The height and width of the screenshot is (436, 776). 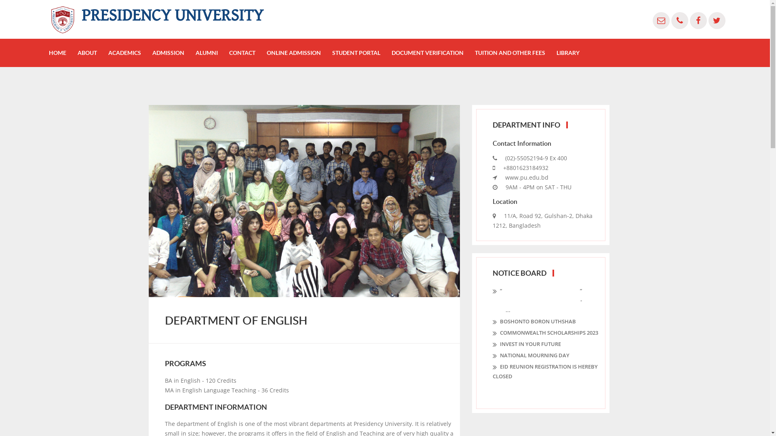 I want to click on 'HOME', so click(x=48, y=53).